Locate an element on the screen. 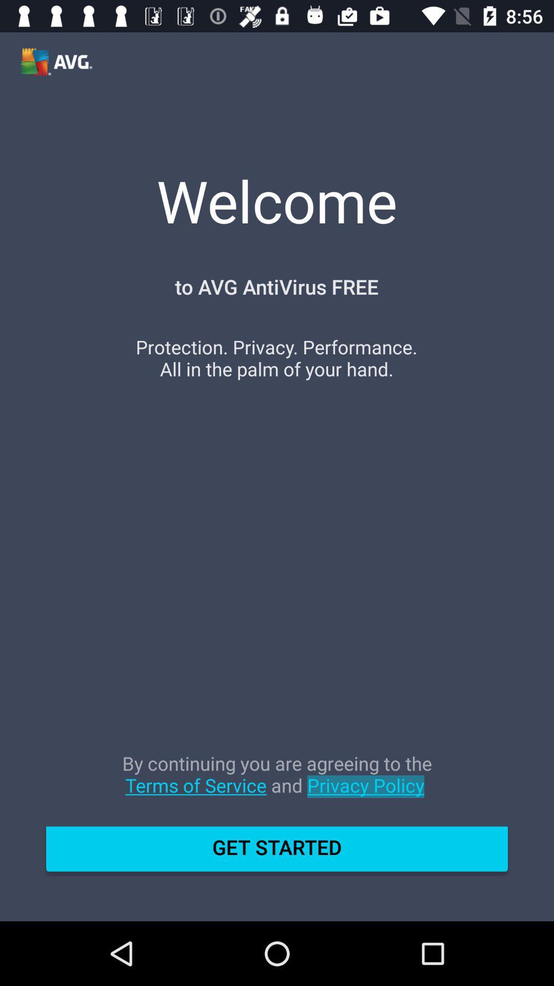  the item below the by continuing you icon is located at coordinates (277, 853).